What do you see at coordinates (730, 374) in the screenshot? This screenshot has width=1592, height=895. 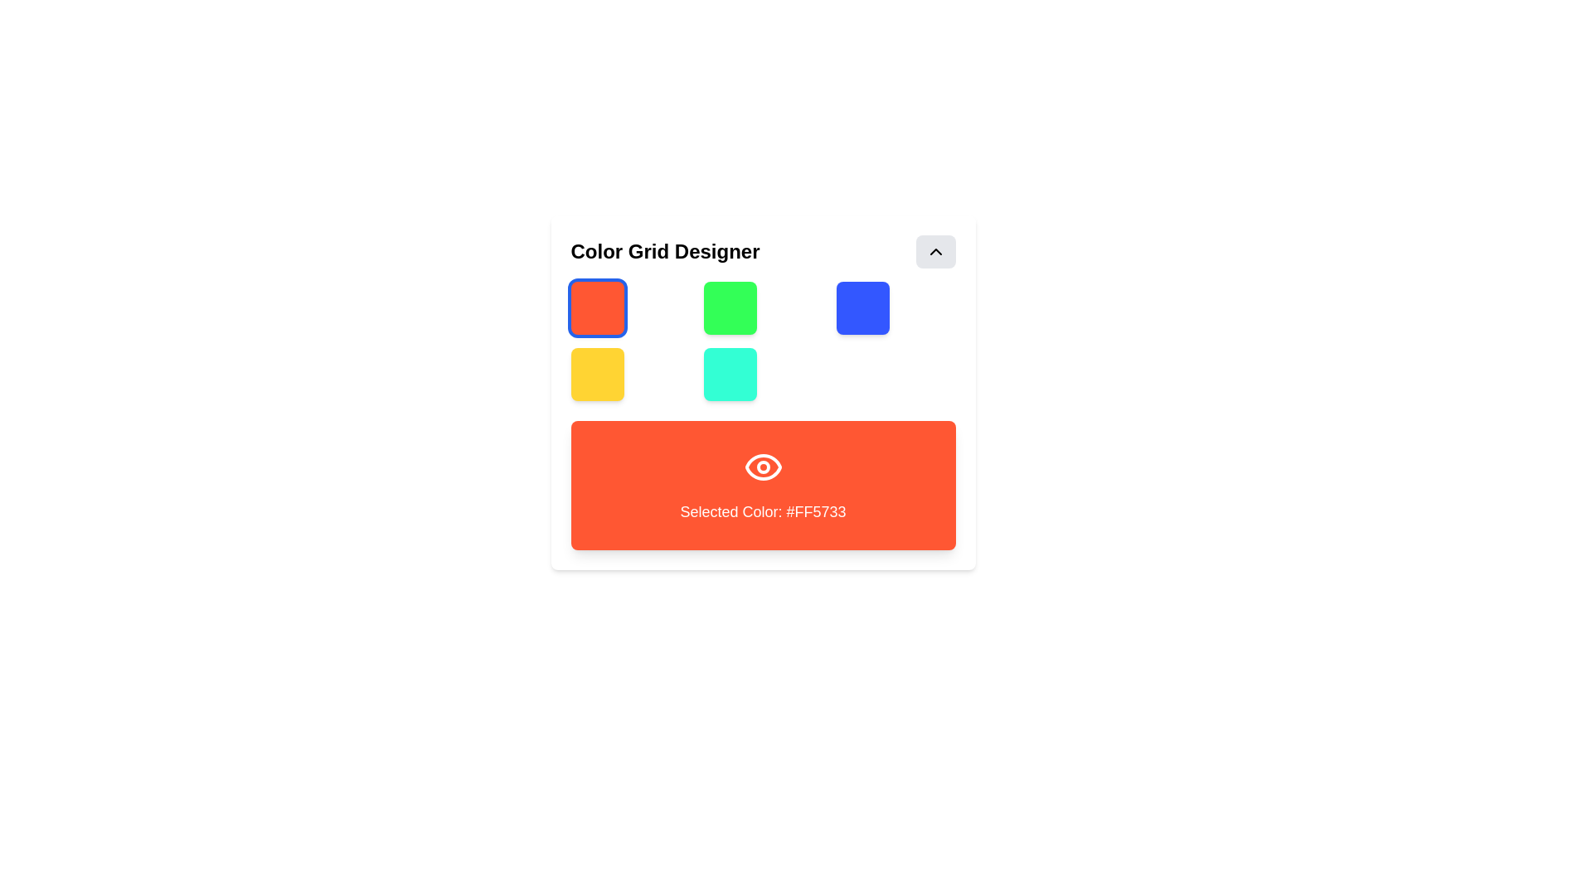 I see `the lower-center color-selectable box in the grid layout, which is used for choosing a color for design or customization` at bounding box center [730, 374].